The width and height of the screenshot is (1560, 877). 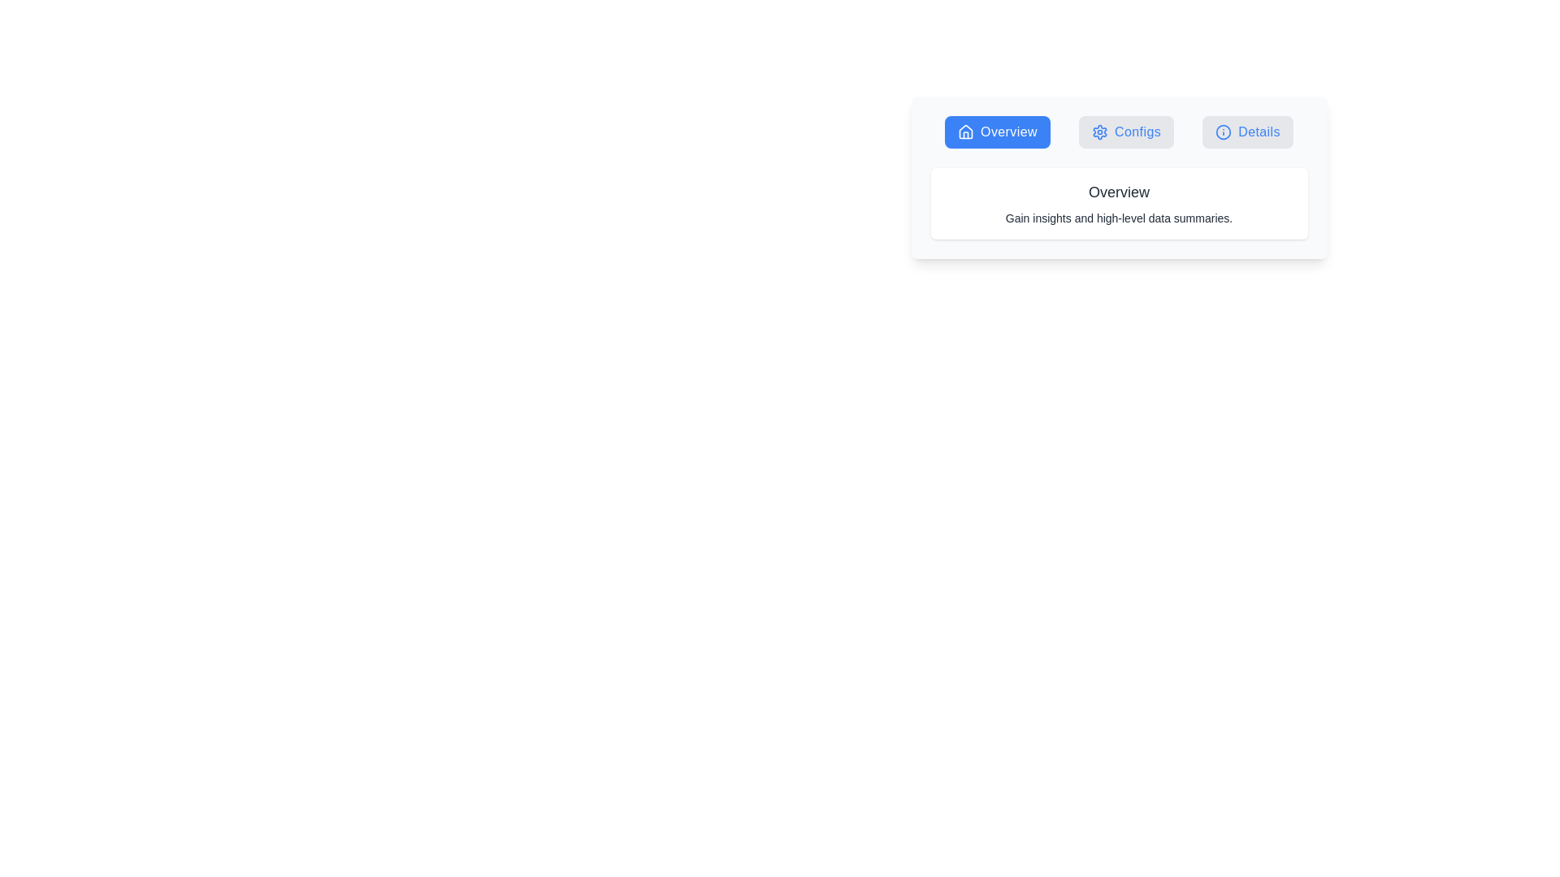 What do you see at coordinates (1247, 131) in the screenshot?
I see `the tab labeled Details` at bounding box center [1247, 131].